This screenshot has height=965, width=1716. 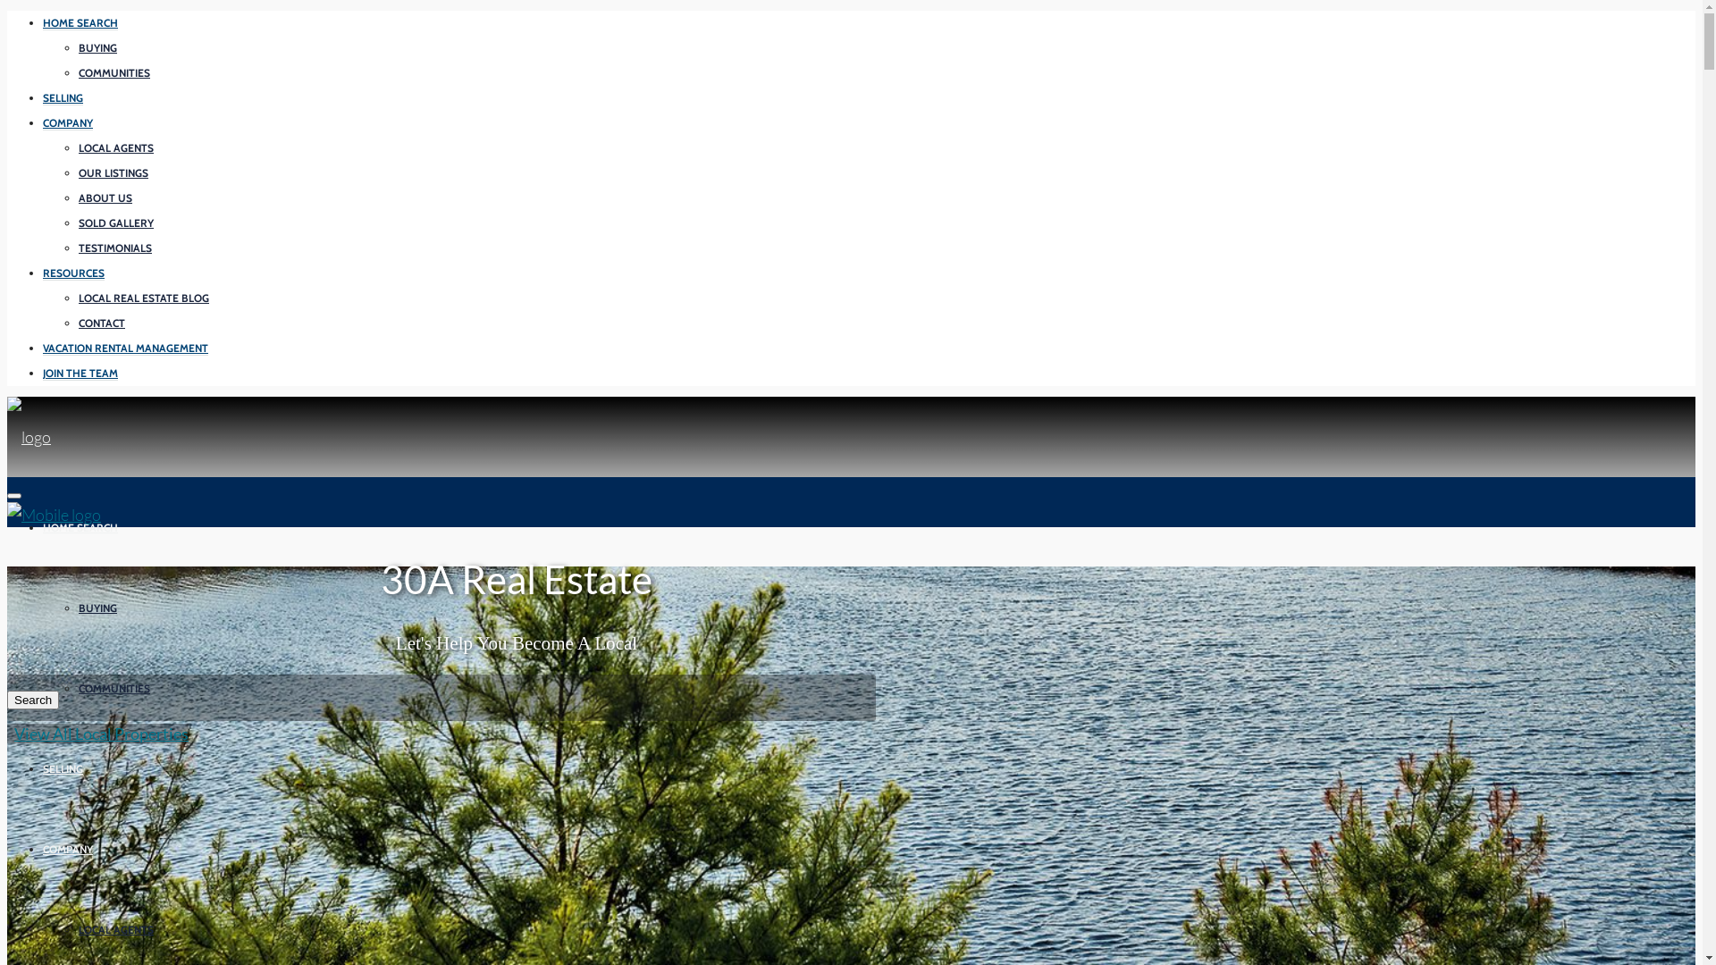 What do you see at coordinates (114, 222) in the screenshot?
I see `'SOLD GALLERY'` at bounding box center [114, 222].